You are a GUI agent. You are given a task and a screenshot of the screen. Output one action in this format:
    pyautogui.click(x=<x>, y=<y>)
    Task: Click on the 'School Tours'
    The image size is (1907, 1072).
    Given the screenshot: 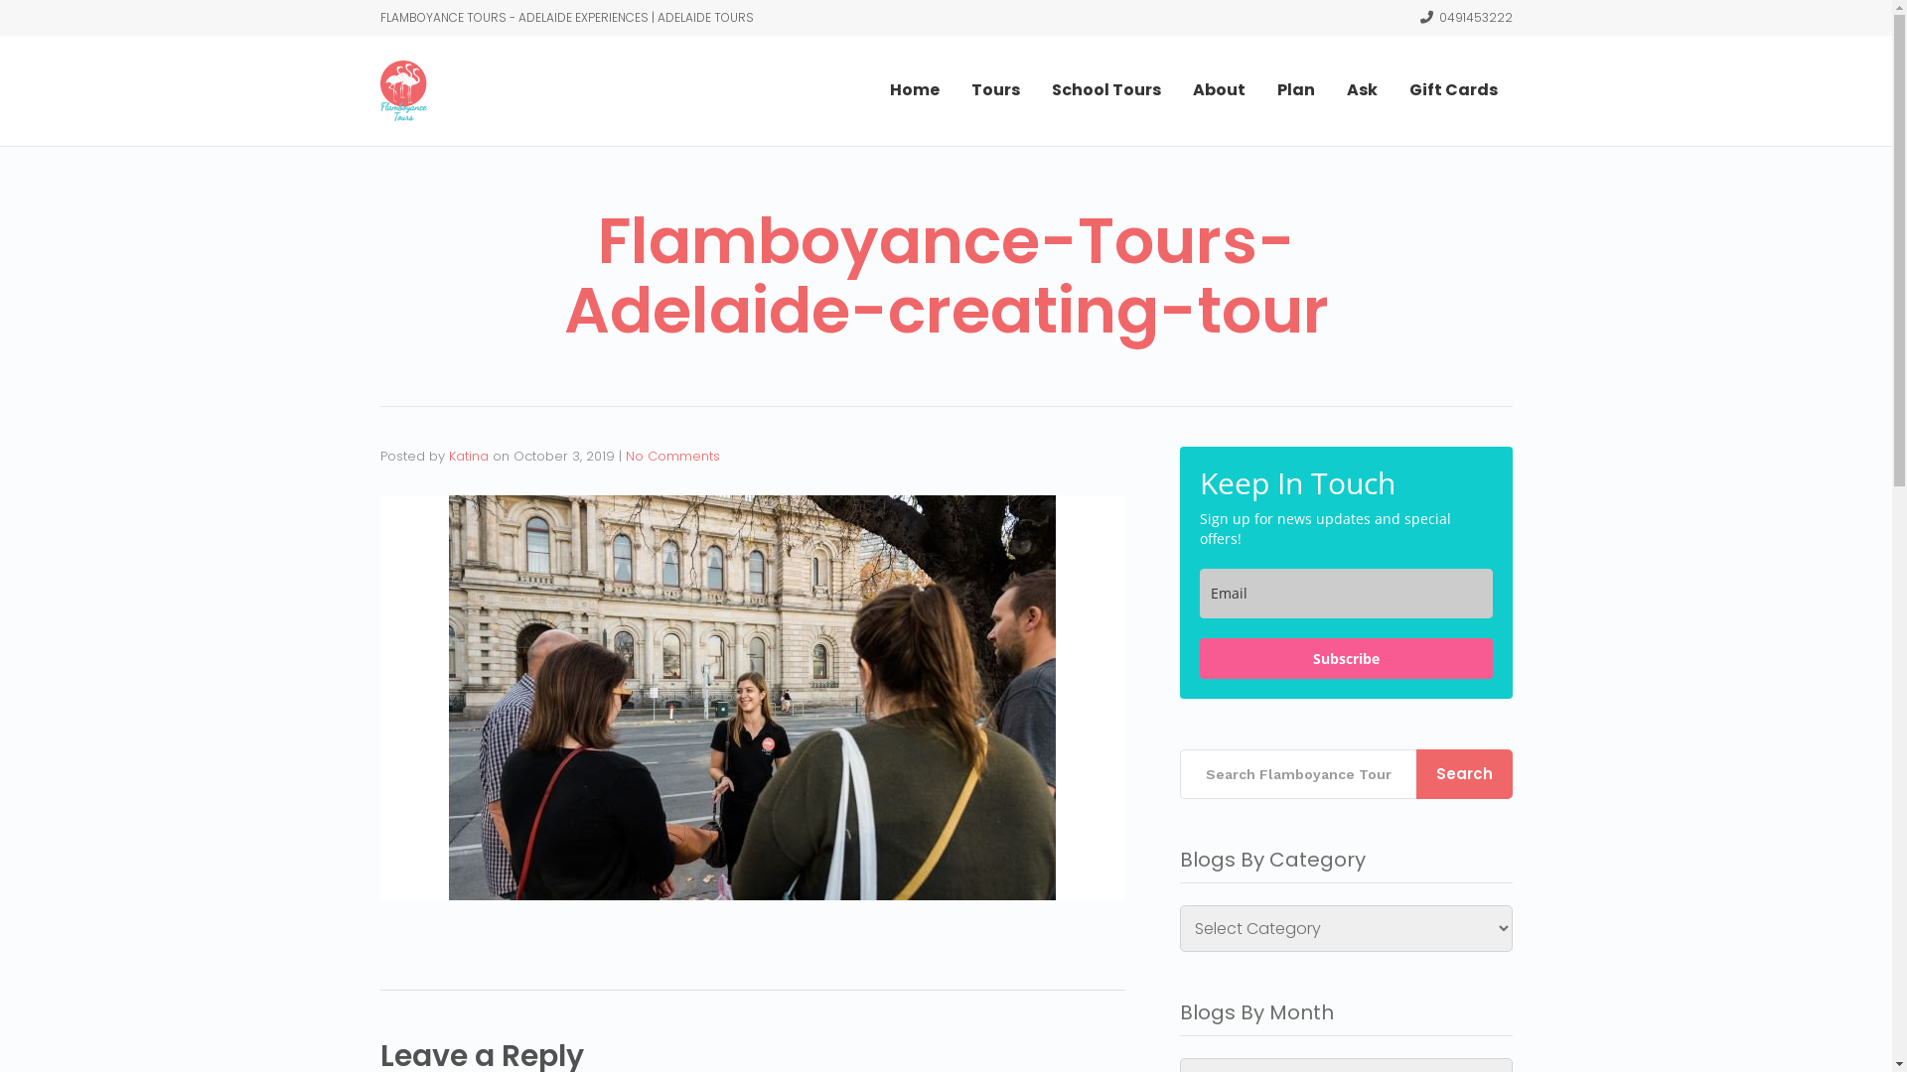 What is the action you would take?
    pyautogui.click(x=1104, y=90)
    